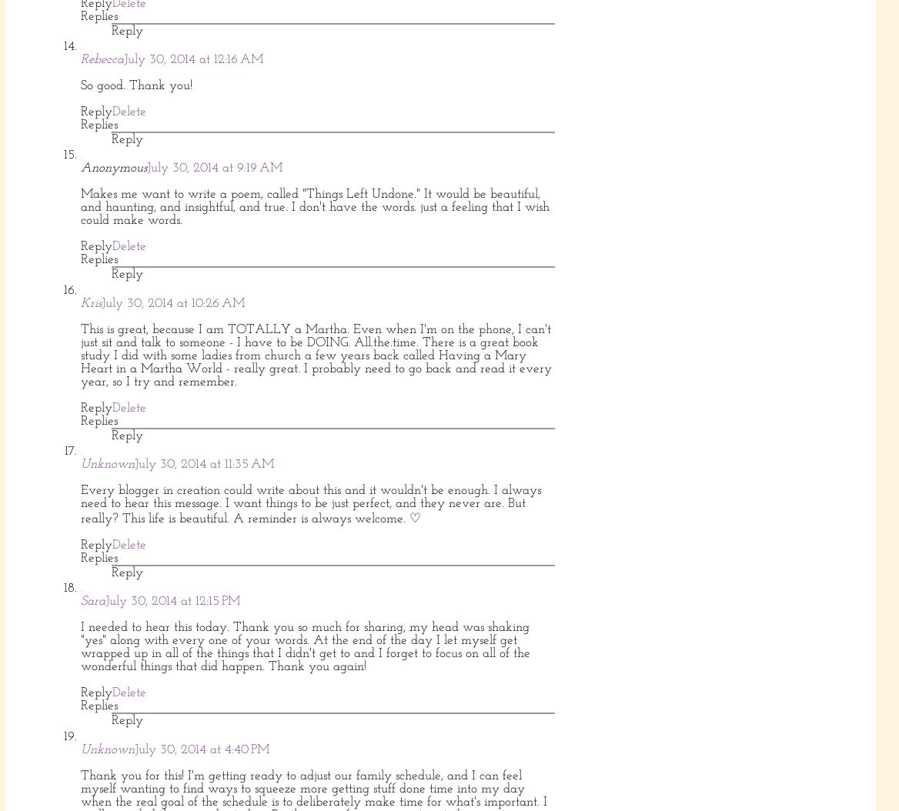 This screenshot has height=811, width=899. Describe the element at coordinates (214, 168) in the screenshot. I see `'July 30, 2014 at 9:19 AM'` at that location.